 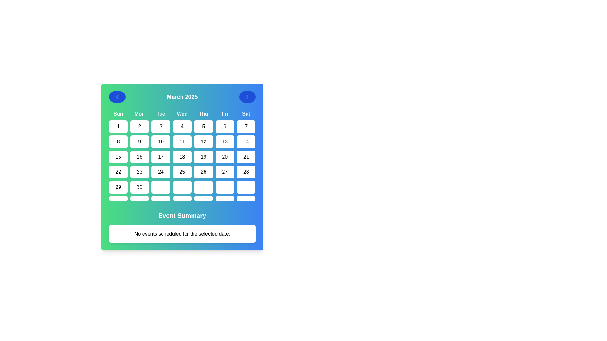 What do you see at coordinates (182, 215) in the screenshot?
I see `the Text Label that serves as a section header for the event summary` at bounding box center [182, 215].